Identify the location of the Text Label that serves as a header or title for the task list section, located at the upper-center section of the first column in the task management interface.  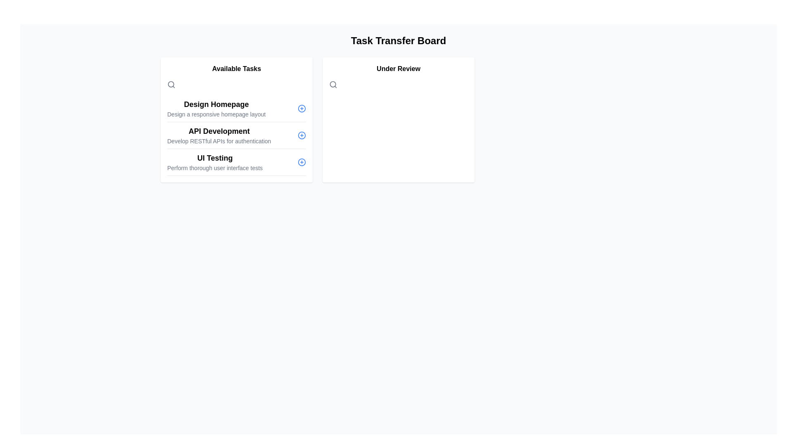
(236, 68).